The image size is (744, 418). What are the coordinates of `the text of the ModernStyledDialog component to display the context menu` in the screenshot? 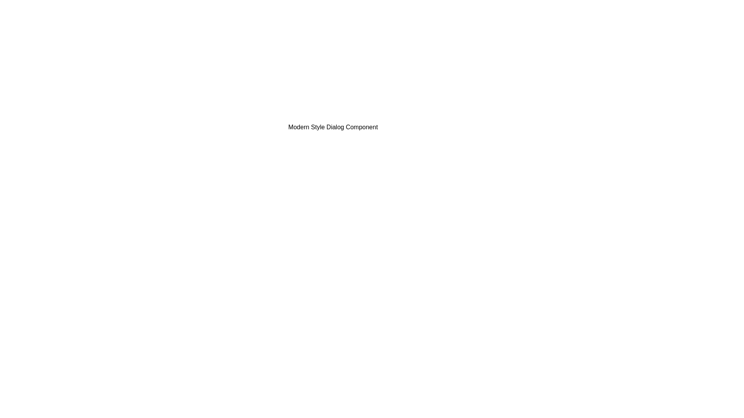 It's located at (333, 127).